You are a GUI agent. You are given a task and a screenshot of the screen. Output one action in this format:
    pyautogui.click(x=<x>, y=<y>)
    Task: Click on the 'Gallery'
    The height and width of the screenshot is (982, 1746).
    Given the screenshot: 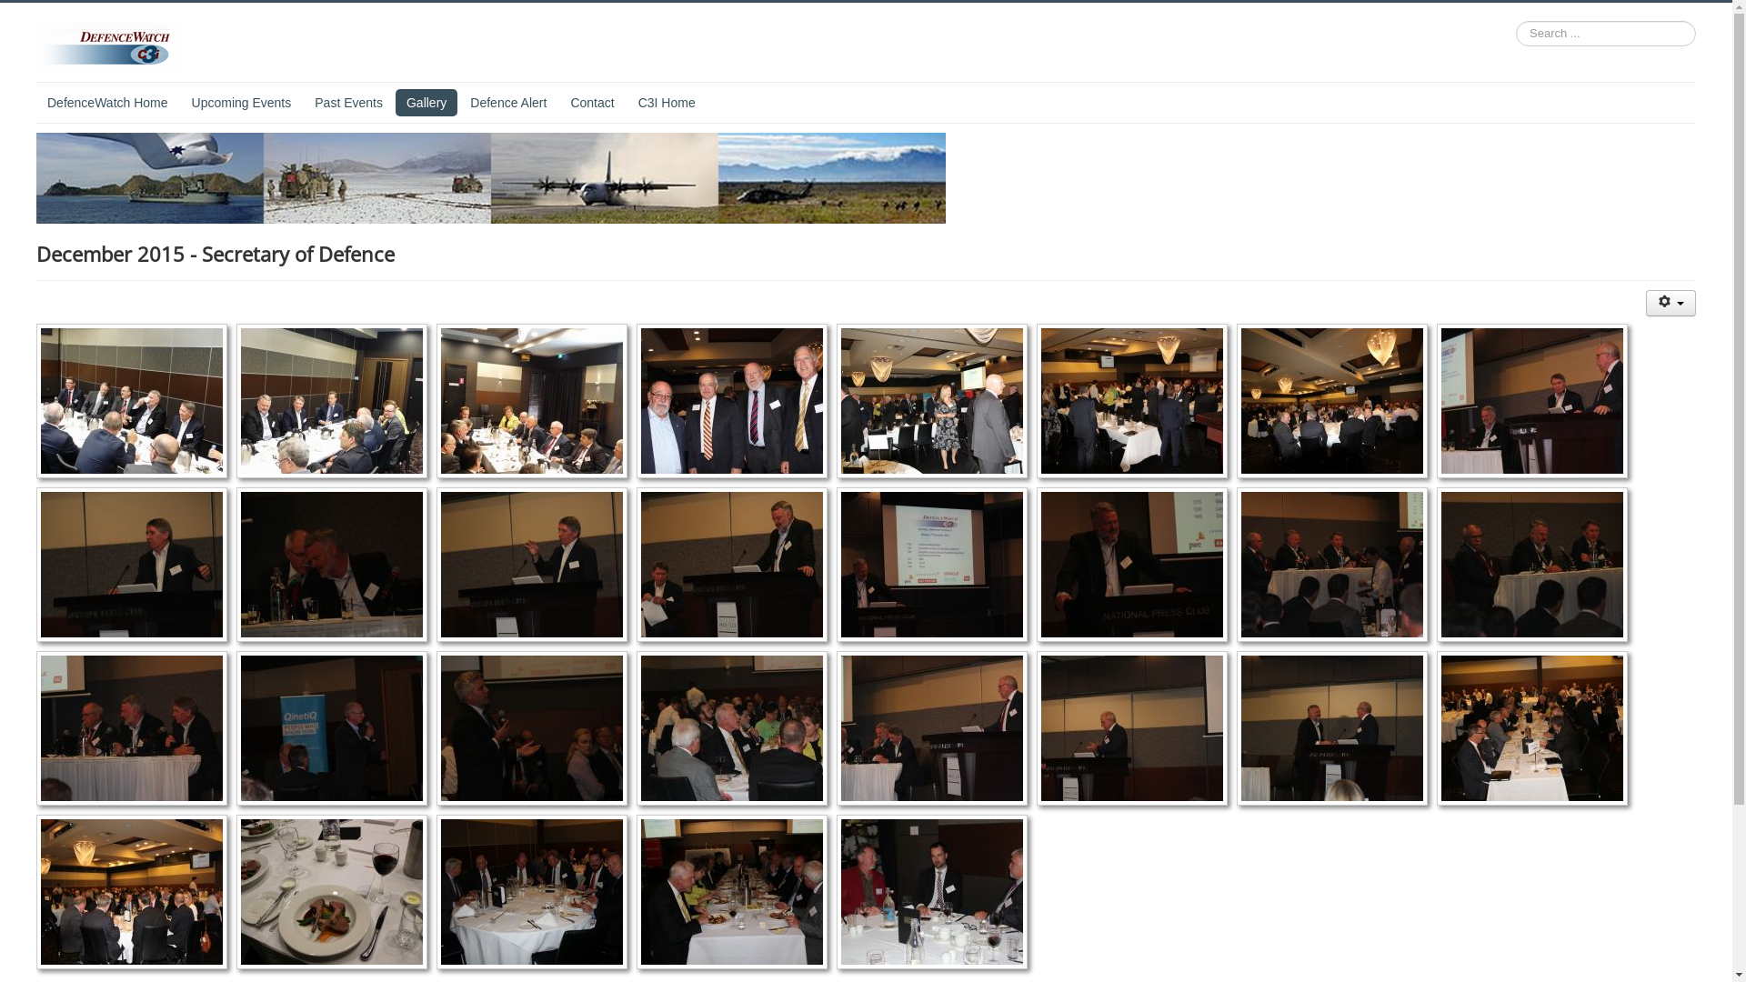 What is the action you would take?
    pyautogui.click(x=426, y=102)
    